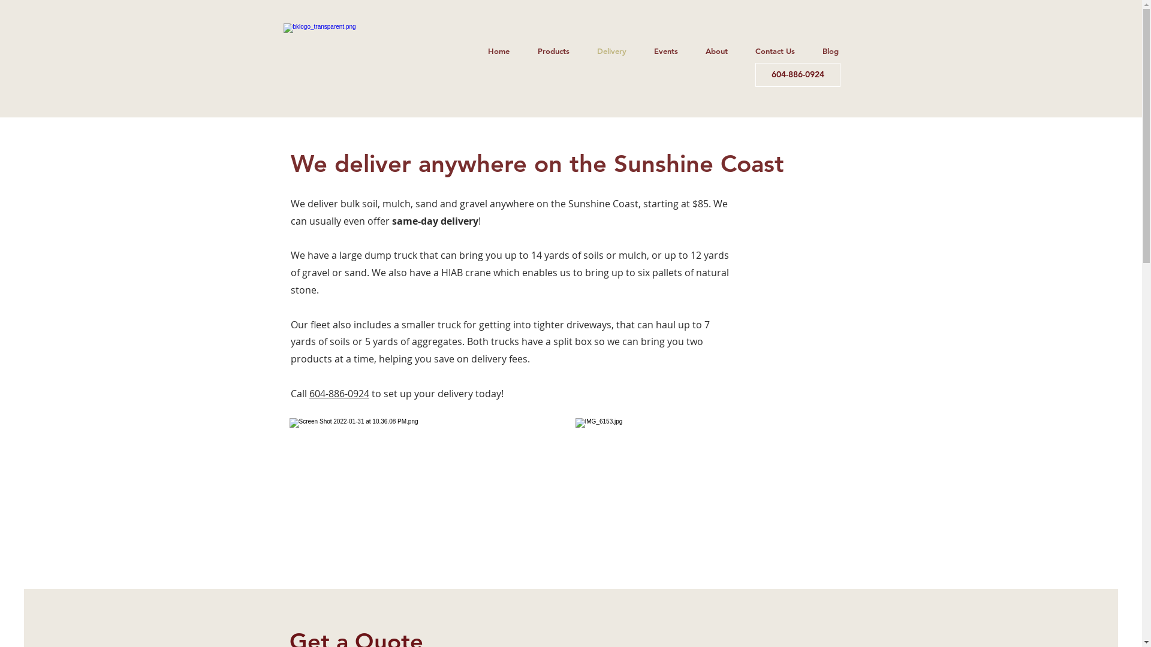 The image size is (1151, 647). Describe the element at coordinates (339, 393) in the screenshot. I see `'604-886-0924'` at that location.